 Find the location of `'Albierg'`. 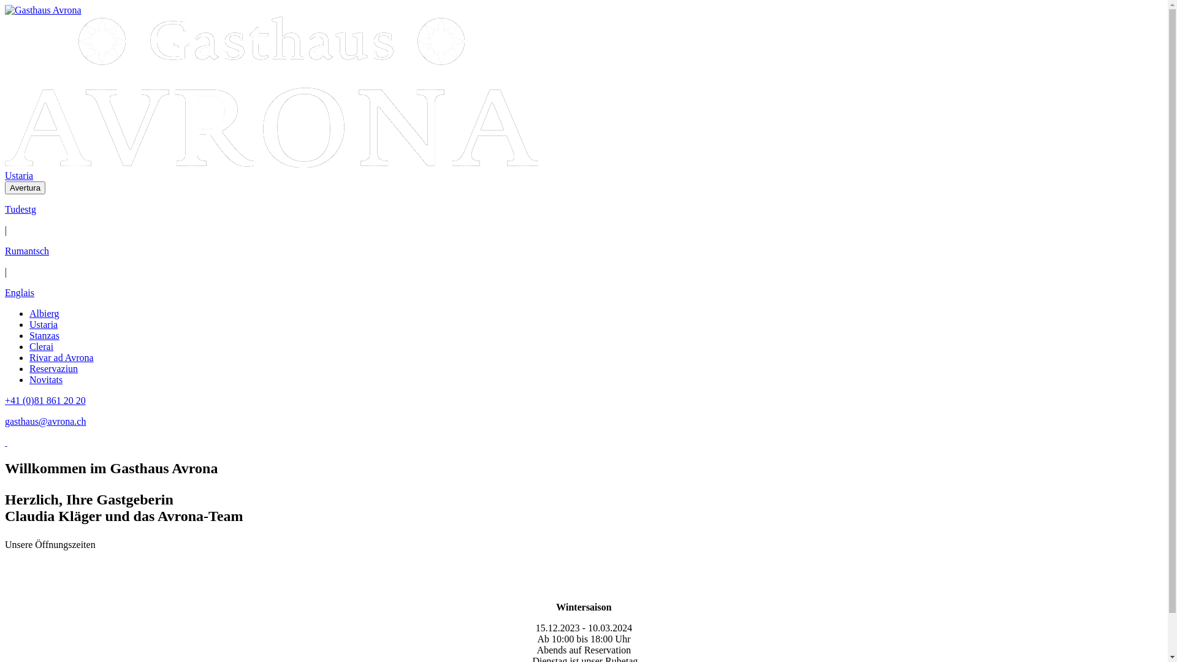

'Albierg' is located at coordinates (44, 313).